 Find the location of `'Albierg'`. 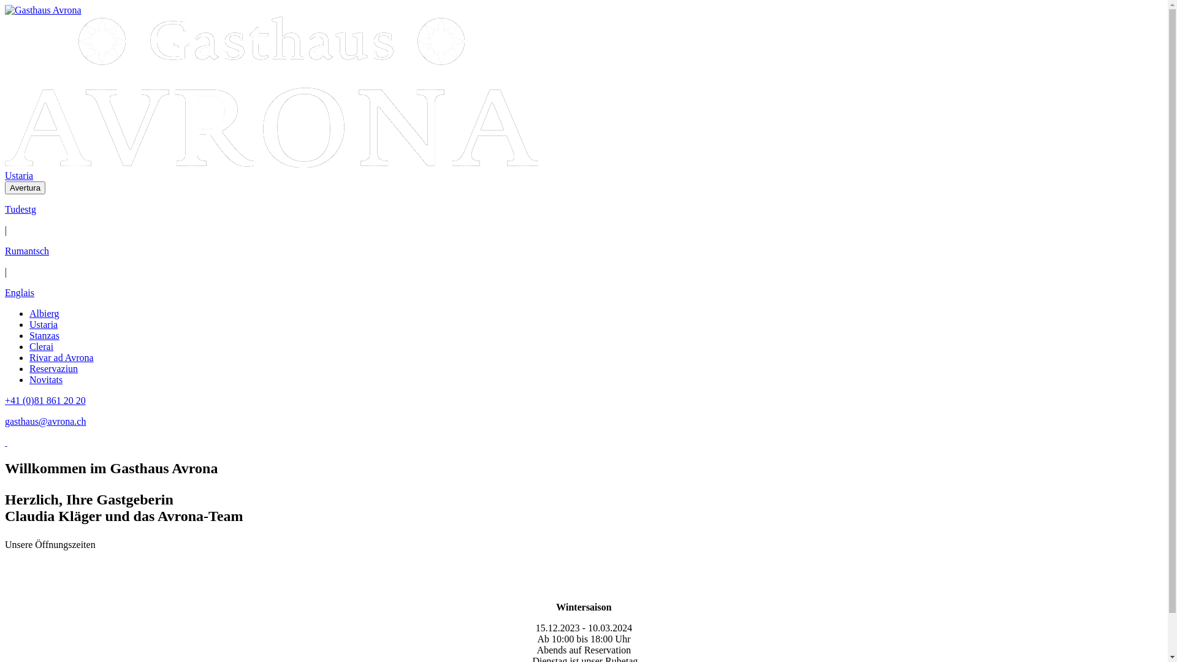

'Albierg' is located at coordinates (44, 313).